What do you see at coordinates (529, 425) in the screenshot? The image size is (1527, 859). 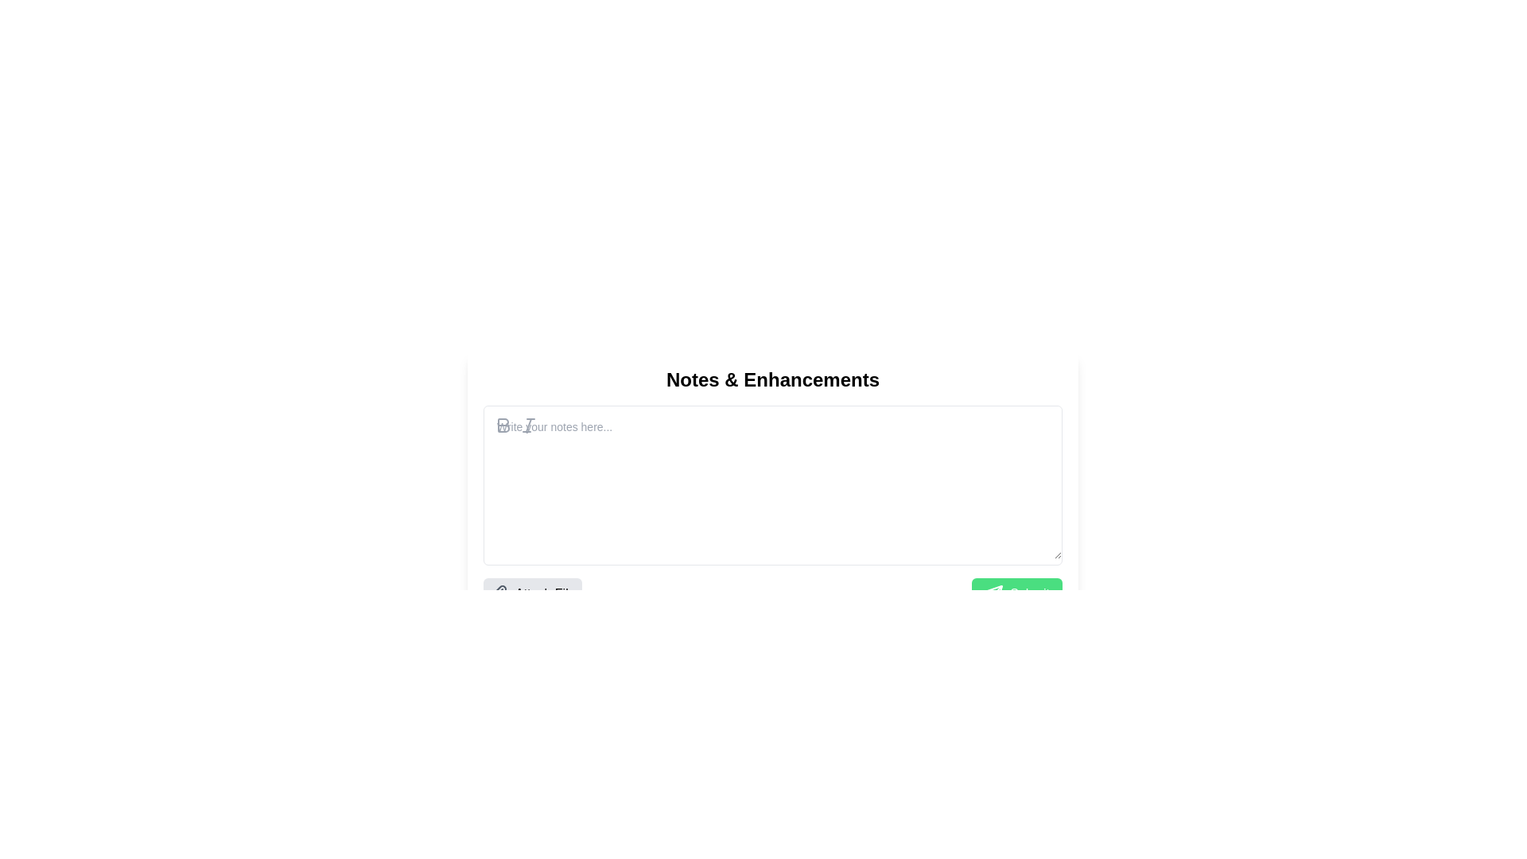 I see `the italicized 'I' icon in the top-left corner of the toolbar` at bounding box center [529, 425].